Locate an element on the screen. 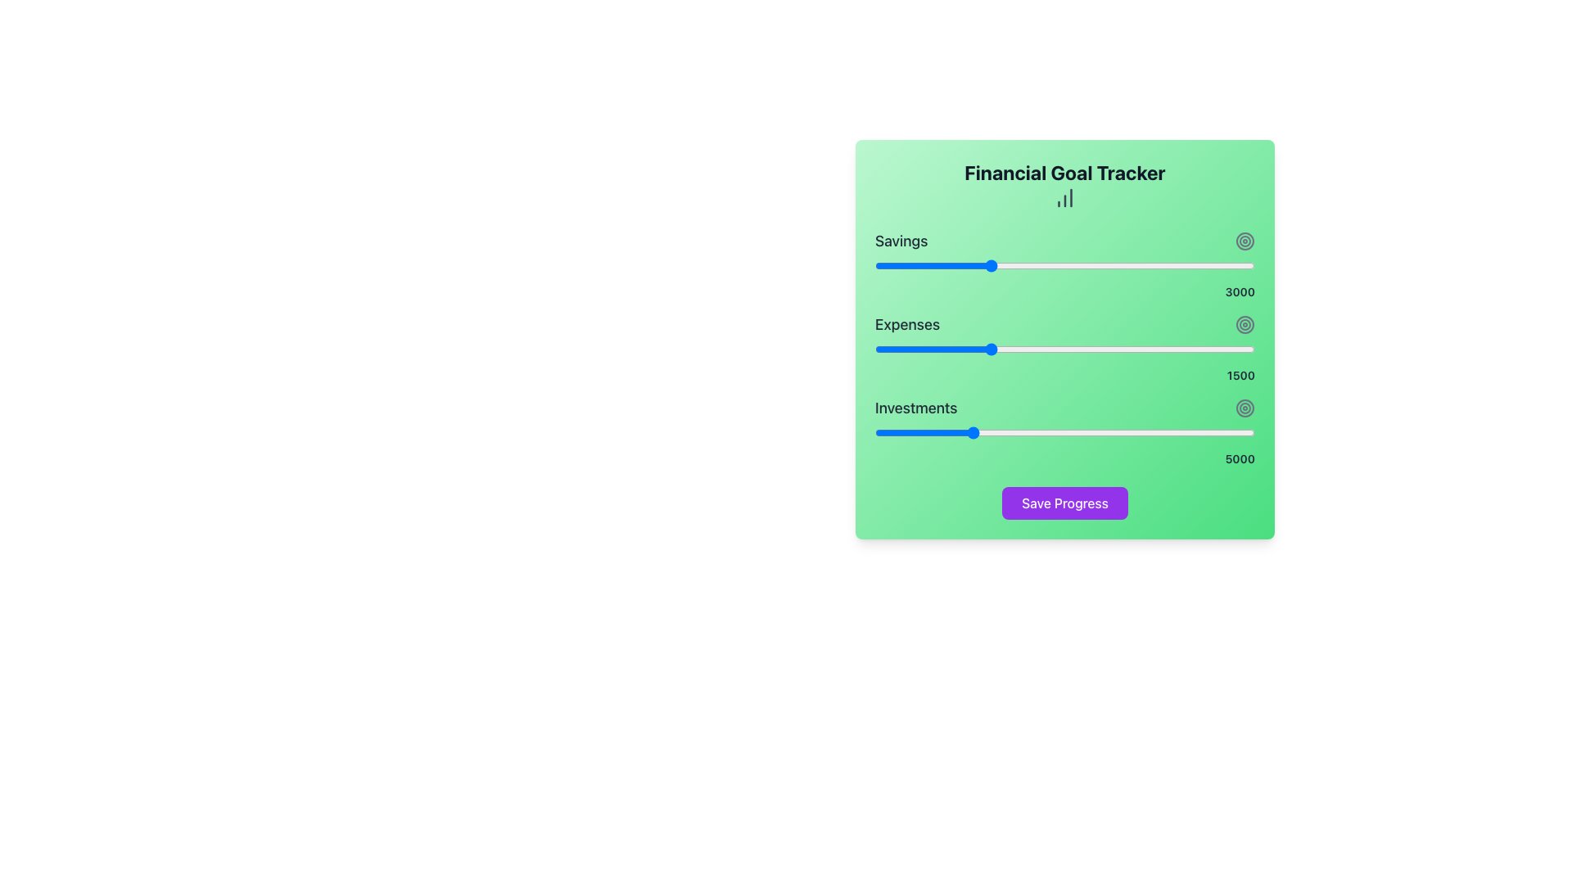 This screenshot has height=884, width=1572. text header located at the top-center of the interface, which informs users about tracking financial goals is located at coordinates (1064, 173).